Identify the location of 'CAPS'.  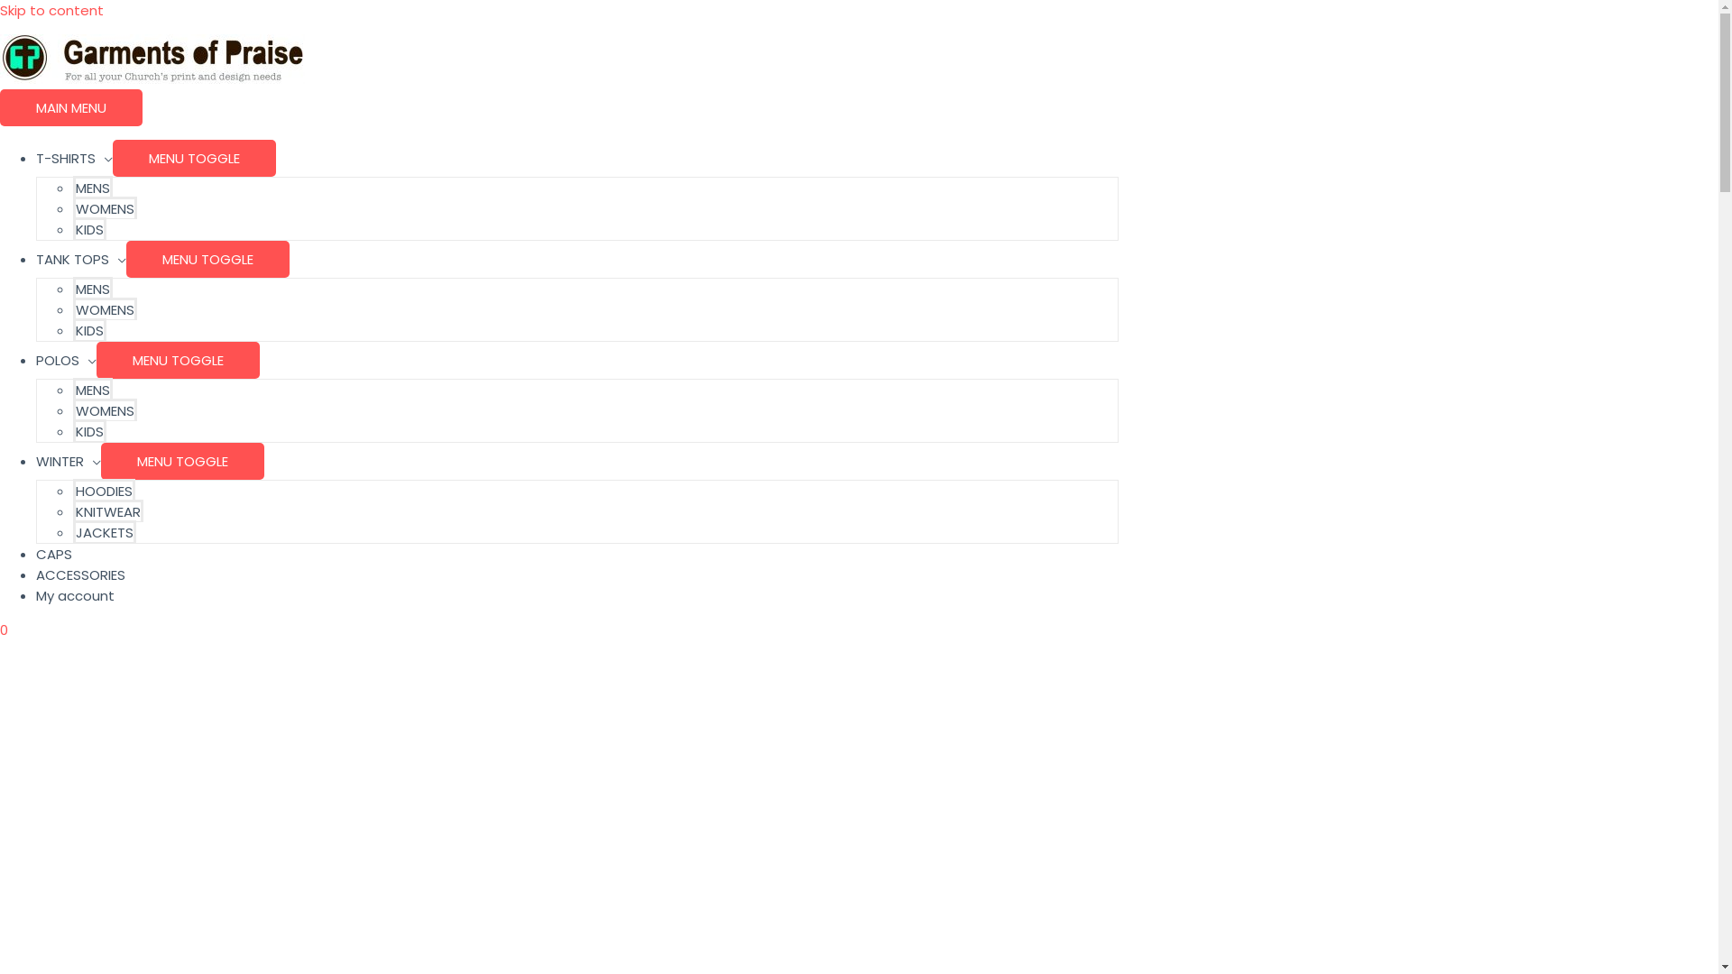
(53, 553).